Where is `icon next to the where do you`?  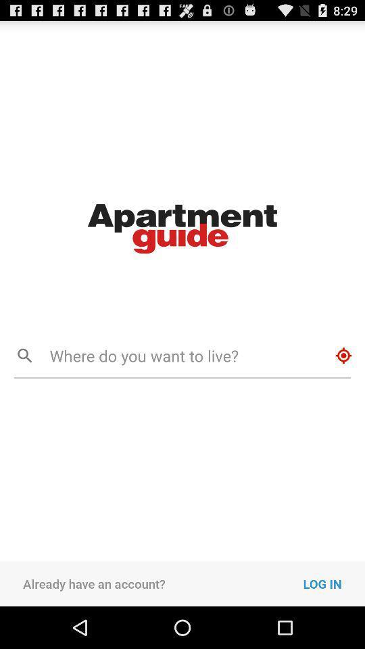 icon next to the where do you is located at coordinates (343, 355).